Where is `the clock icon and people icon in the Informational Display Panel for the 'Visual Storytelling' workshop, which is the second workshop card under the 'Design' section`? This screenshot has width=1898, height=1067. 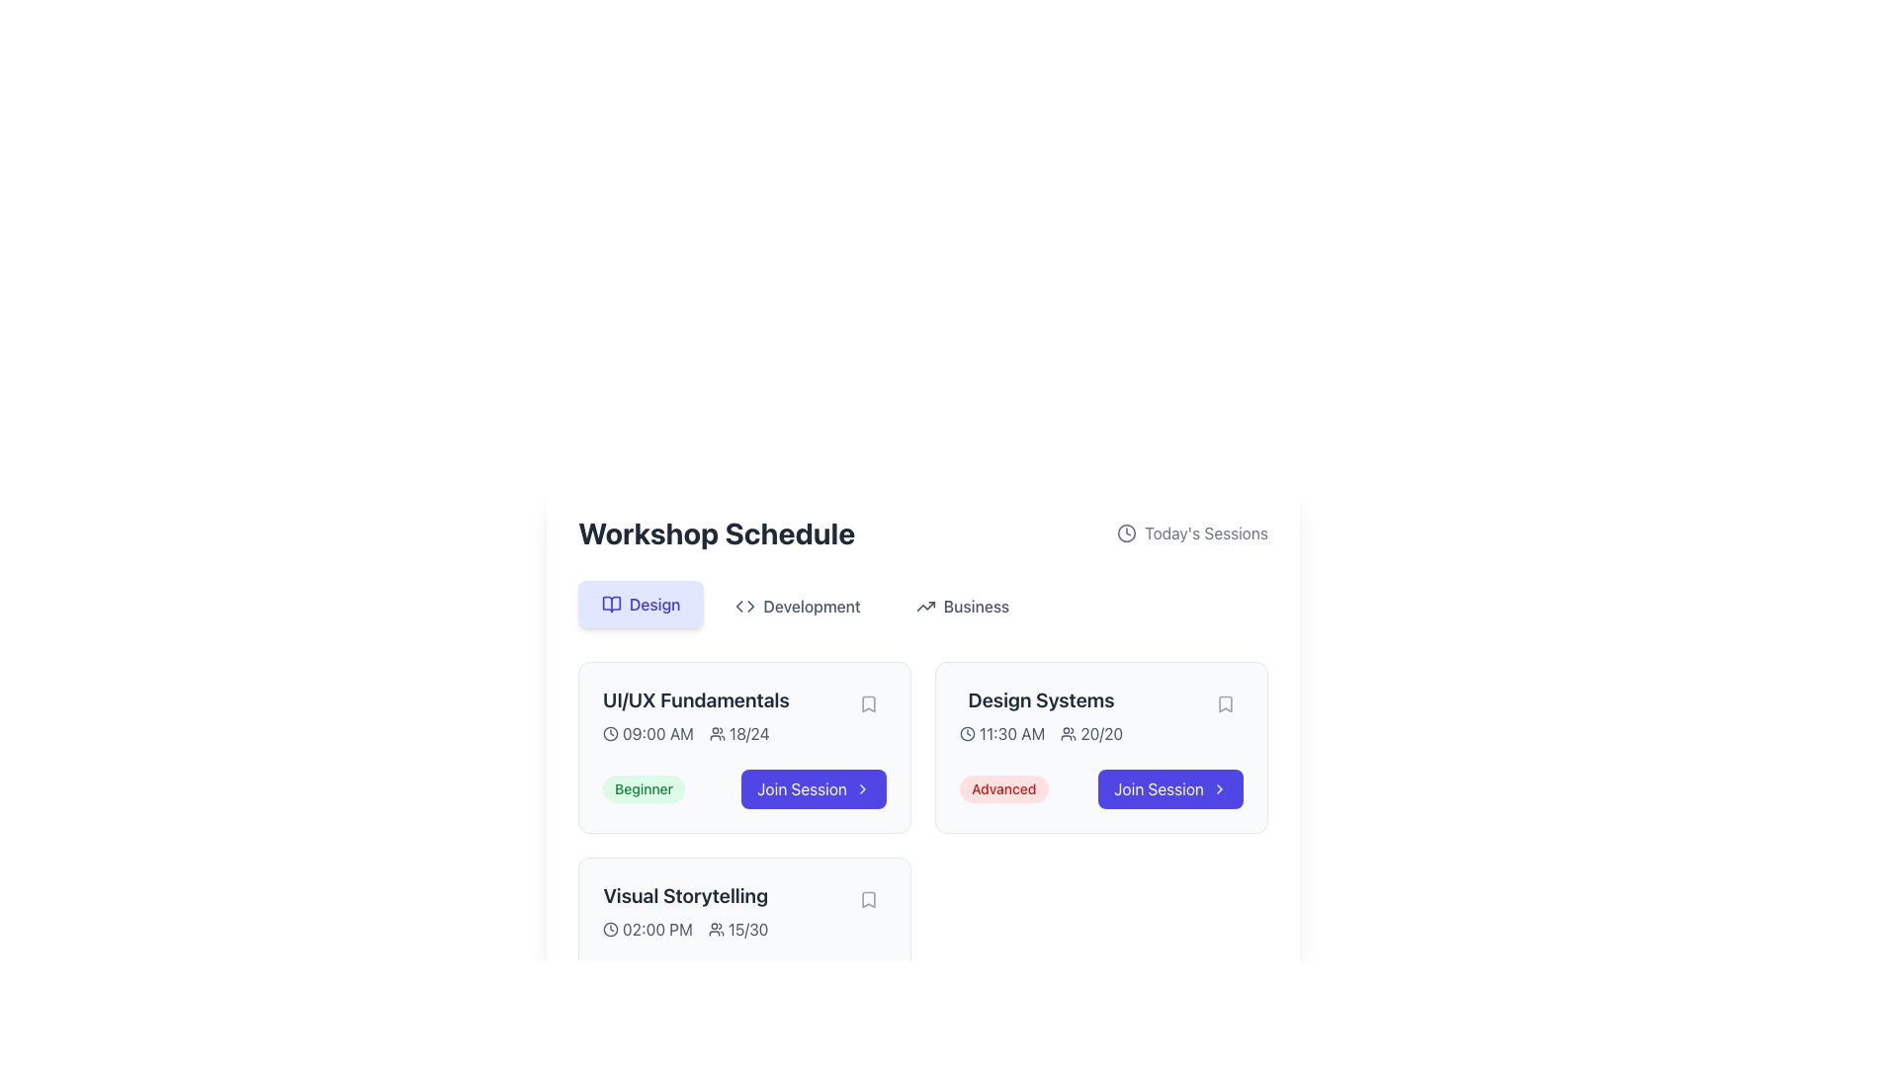 the clock icon and people icon in the Informational Display Panel for the 'Visual Storytelling' workshop, which is the second workshop card under the 'Design' section is located at coordinates (743, 911).